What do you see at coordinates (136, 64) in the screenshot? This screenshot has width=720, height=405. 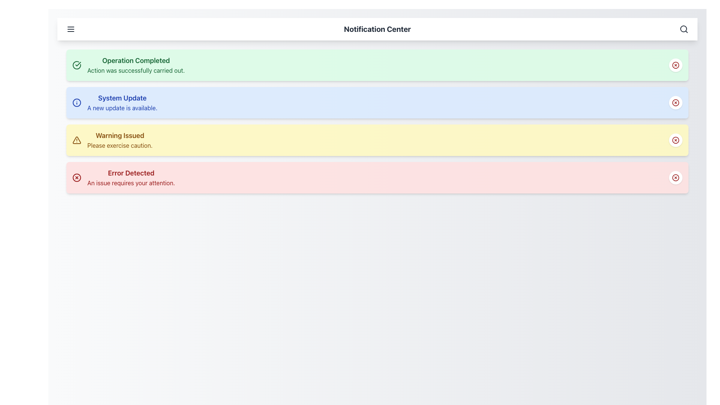 I see `the Notification Card located` at bounding box center [136, 64].